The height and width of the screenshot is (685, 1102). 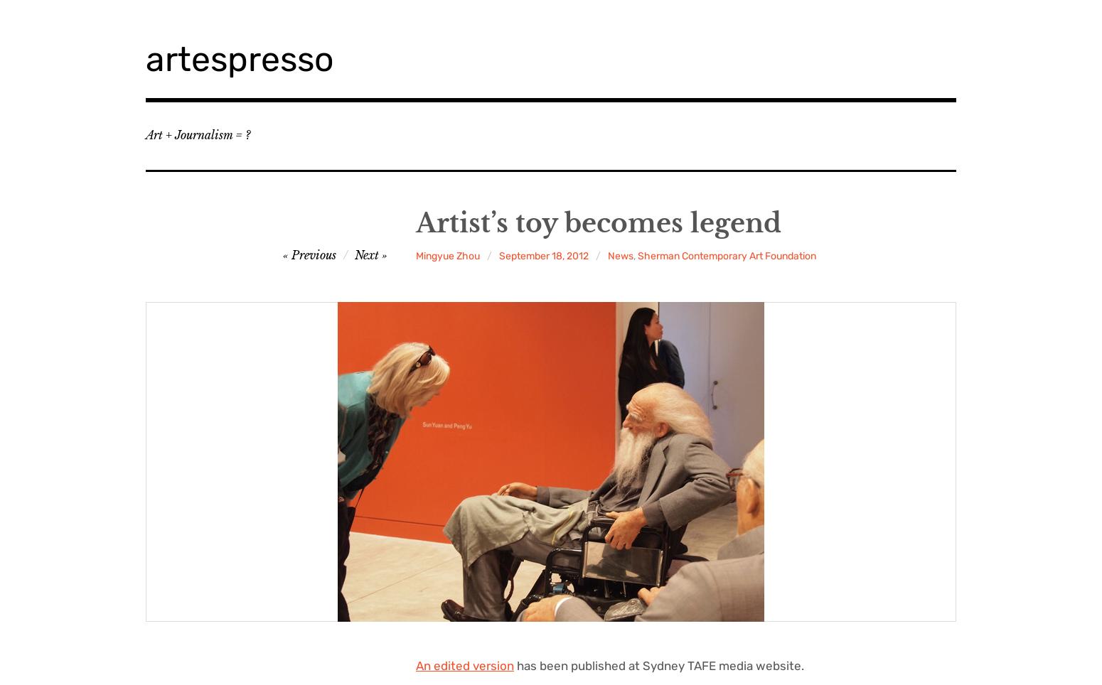 I want to click on ',', so click(x=636, y=255).